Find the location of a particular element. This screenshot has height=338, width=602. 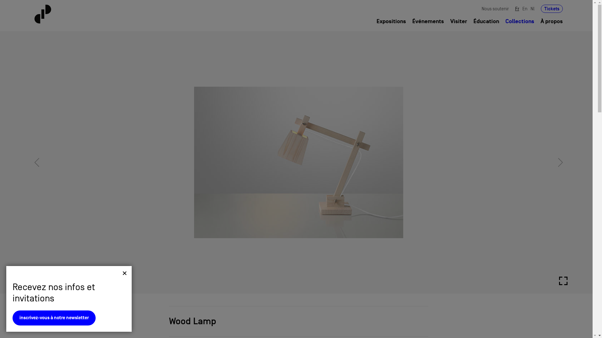

'Close' is located at coordinates (124, 273).